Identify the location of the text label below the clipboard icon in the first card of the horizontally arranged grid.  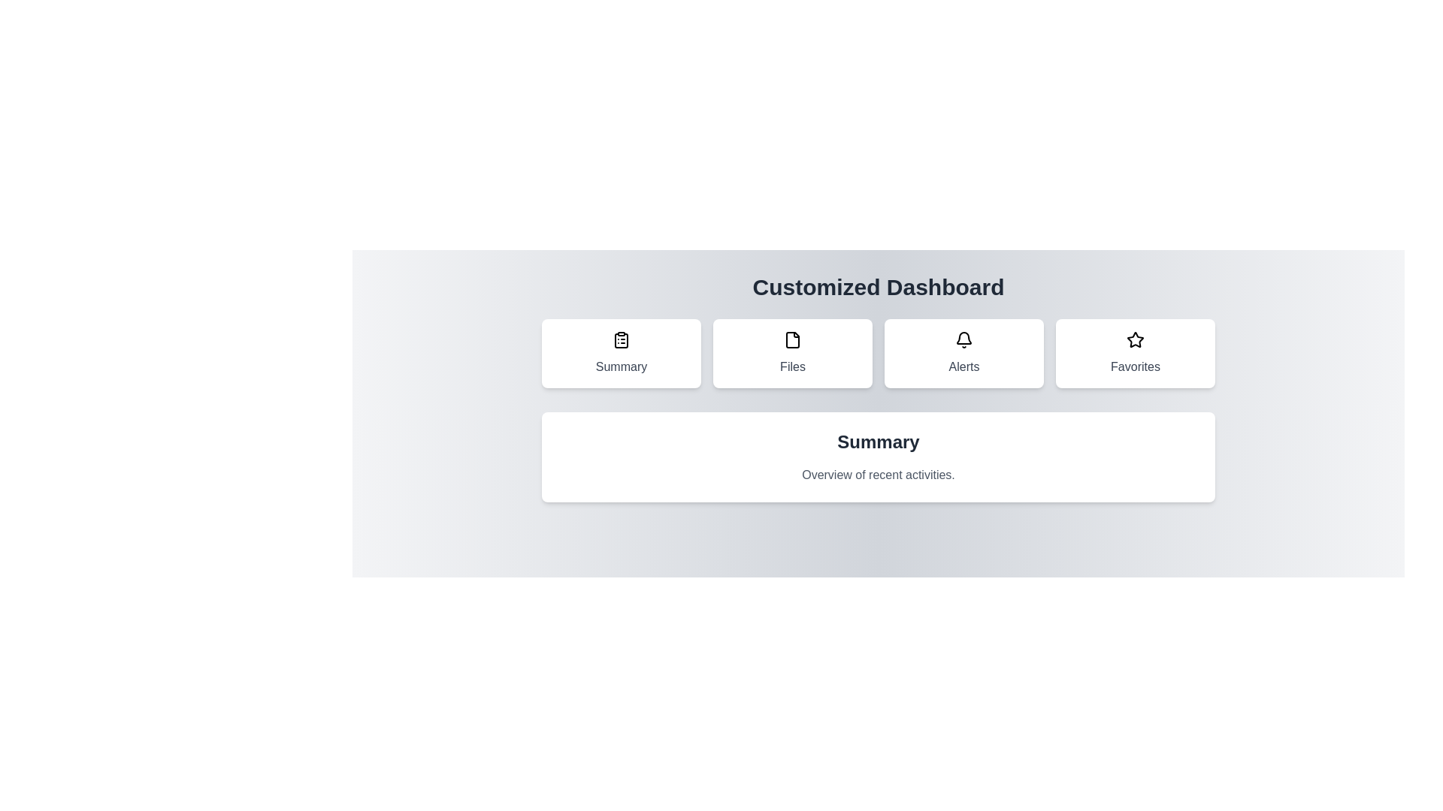
(621, 367).